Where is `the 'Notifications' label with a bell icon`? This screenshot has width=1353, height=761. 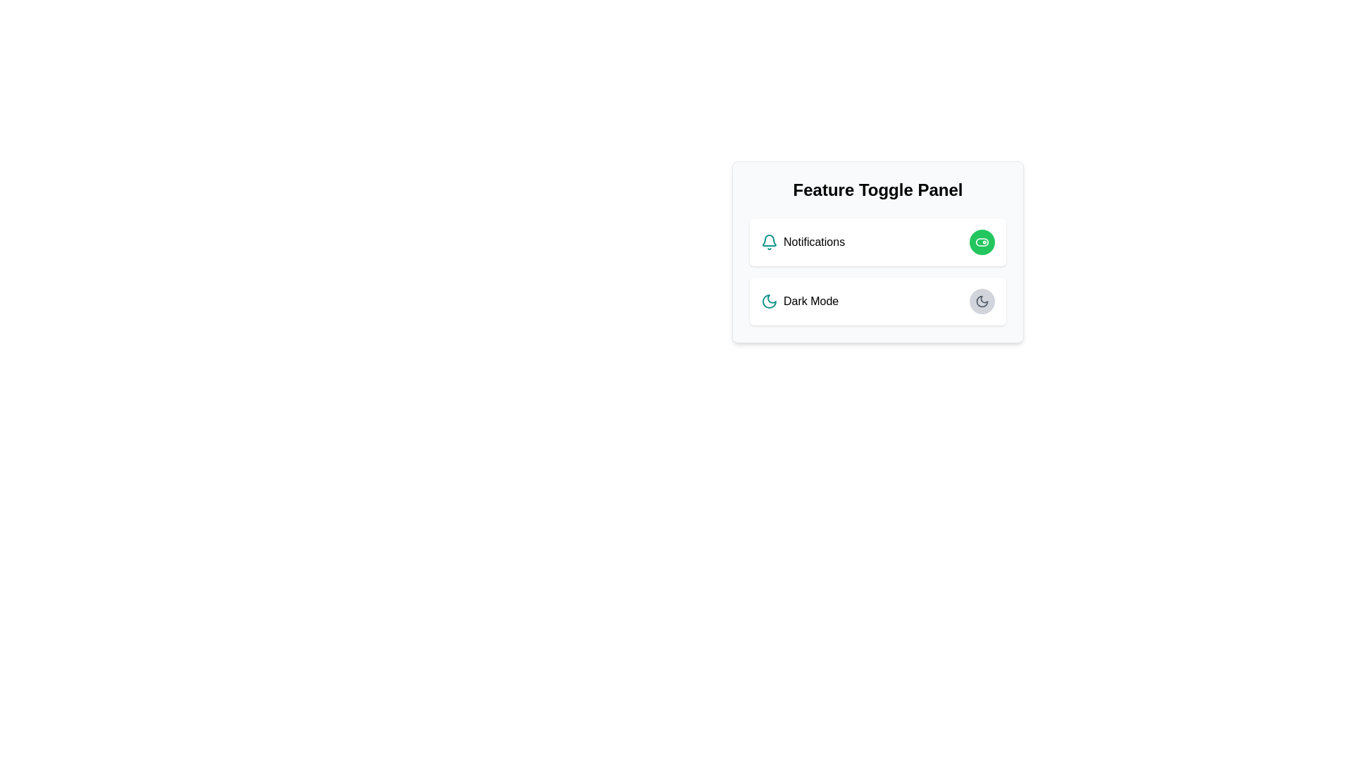
the 'Notifications' label with a bell icon is located at coordinates (803, 241).